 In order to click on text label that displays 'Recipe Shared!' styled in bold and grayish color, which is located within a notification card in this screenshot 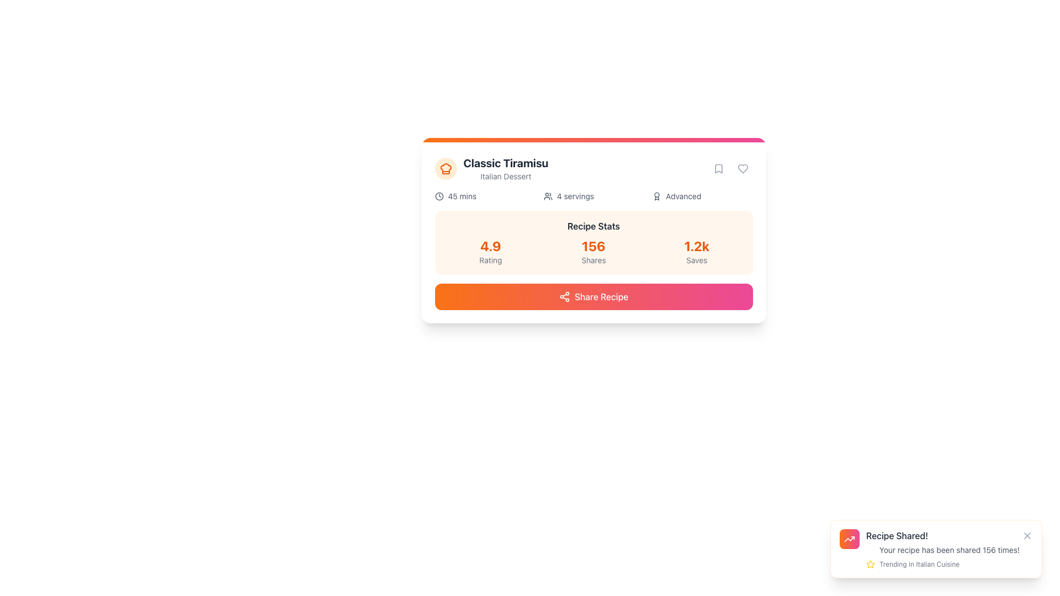, I will do `click(897, 535)`.